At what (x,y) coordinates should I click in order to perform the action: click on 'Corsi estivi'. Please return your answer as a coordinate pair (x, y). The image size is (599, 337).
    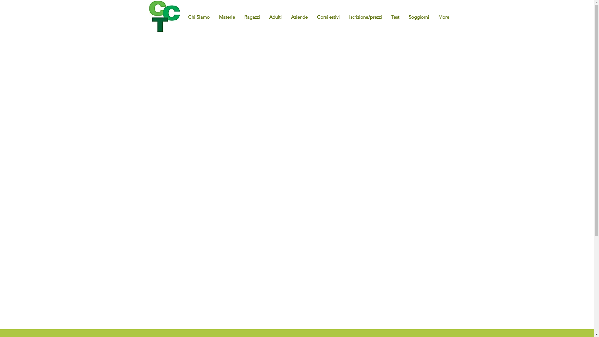
    Looking at the image, I should click on (305, 14).